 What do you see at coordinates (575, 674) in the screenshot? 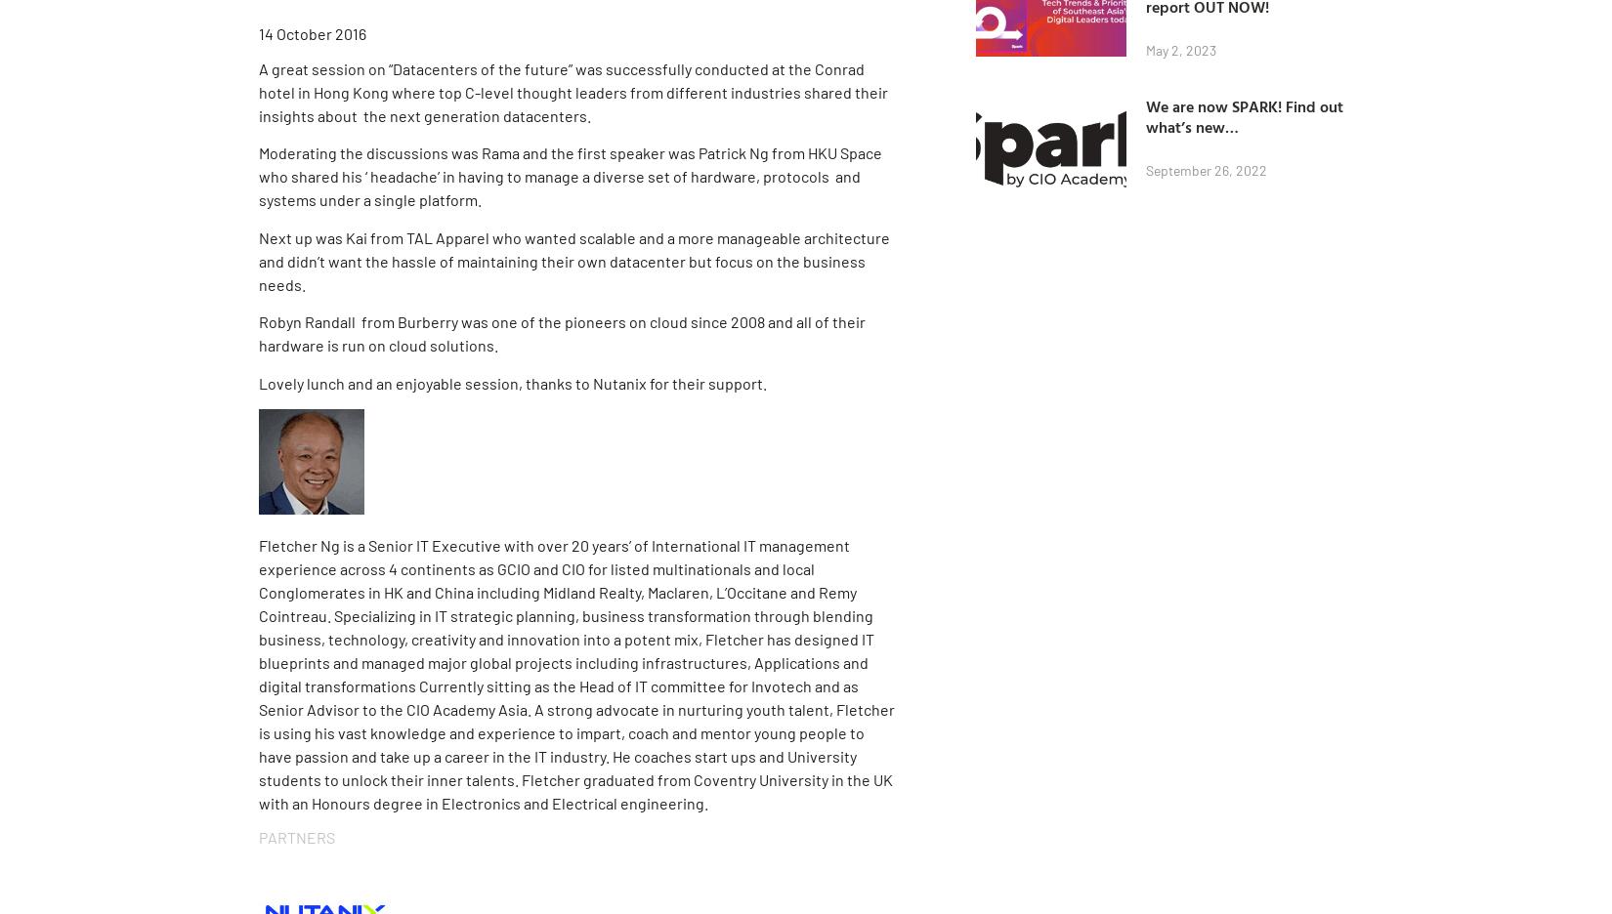
I see `'Fletcher Ng is a Senior IT Executive with over 20 years’ of International IT management experience across 4 continents as GCIO and CIO for listed multinationals and local Conglomerates in HK and China including Midland Realty, Maclaren, L’Occitane and Remy Cointreau. Specializing in IT strategic planning, business transformation through blending business, technology, creativity and innovation into a potent mix, Fletcher has designed IT blueprints and managed major global projects including infrastructures, Applications and digital transformations Currently sitting as the Head of IT committee for Invotech and as Senior Advisor to the CIO Academy Asia. A strong advocate in nurturing youth talent, Fletcher is using his vast knowledge and experience to impart, coach and mentor young people to have passion and take up a career in the IT industry. He coaches start ups and University students to unlock their inner talents. Fletcher graduated from Coventry University in the UK with an Honours degree in Electronics and Electrical engineering.'` at bounding box center [575, 674].